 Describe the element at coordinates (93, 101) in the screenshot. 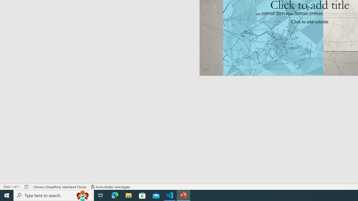

I see `'Outline Section'` at that location.